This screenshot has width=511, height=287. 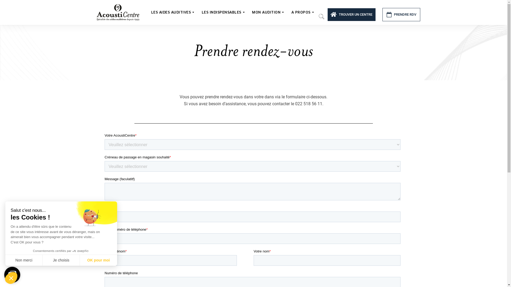 What do you see at coordinates (222, 12) in the screenshot?
I see `'LES INDISPENSABLES'` at bounding box center [222, 12].